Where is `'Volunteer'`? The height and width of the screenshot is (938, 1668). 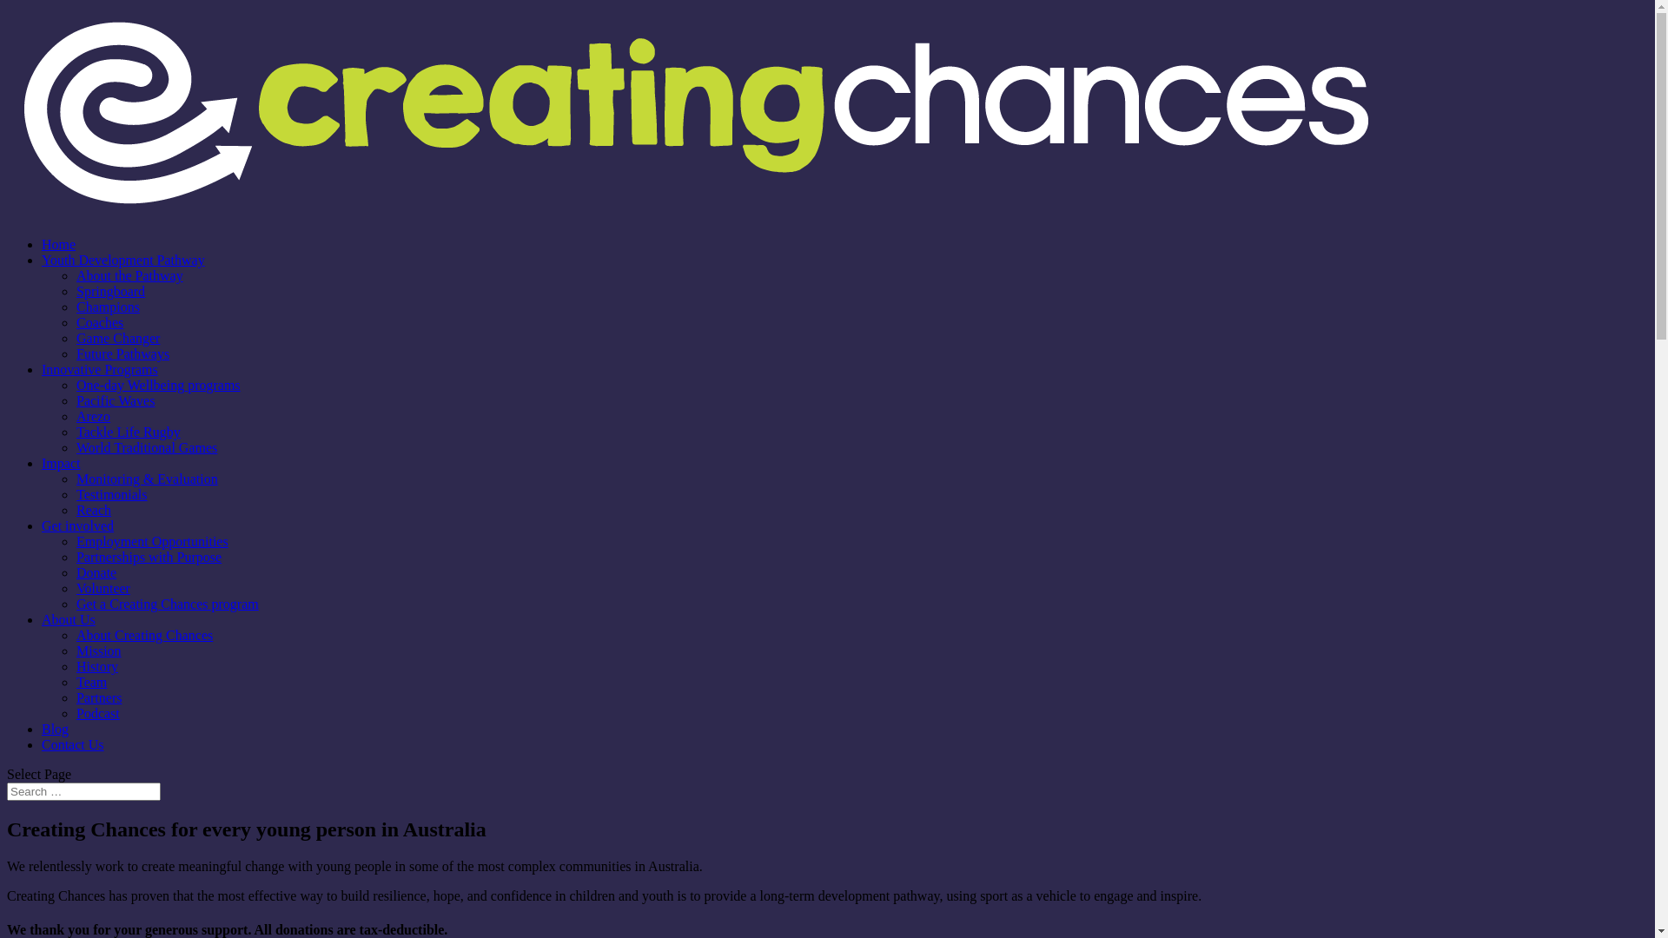 'Volunteer' is located at coordinates (103, 587).